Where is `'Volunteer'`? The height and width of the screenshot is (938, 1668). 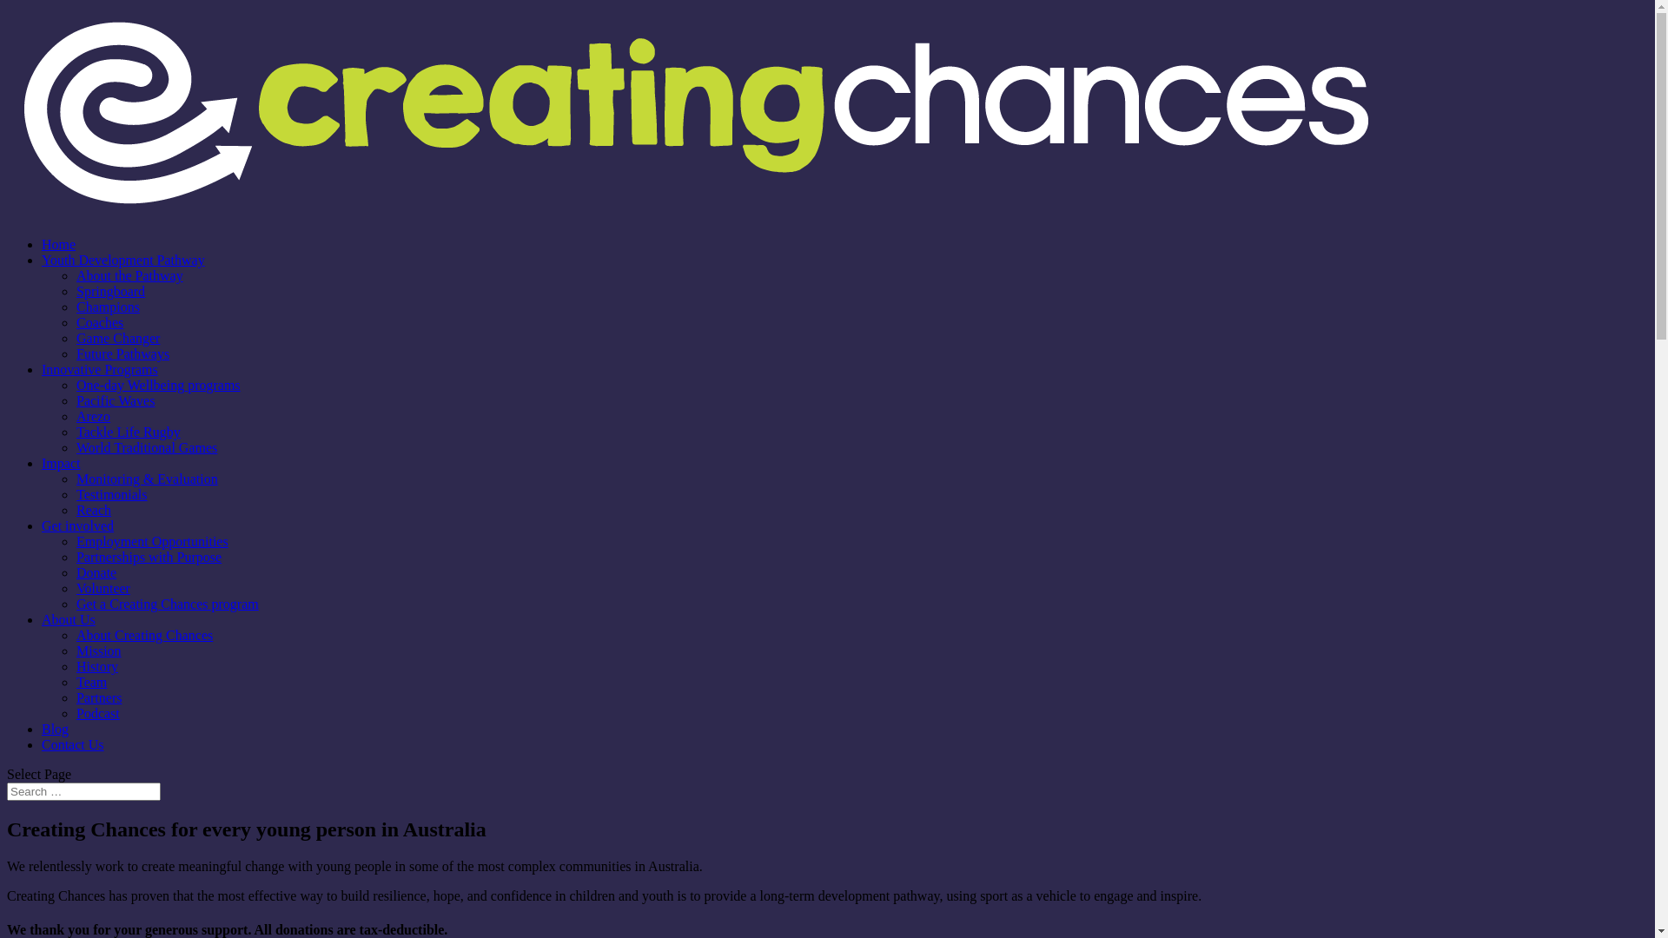 'Volunteer' is located at coordinates (103, 587).